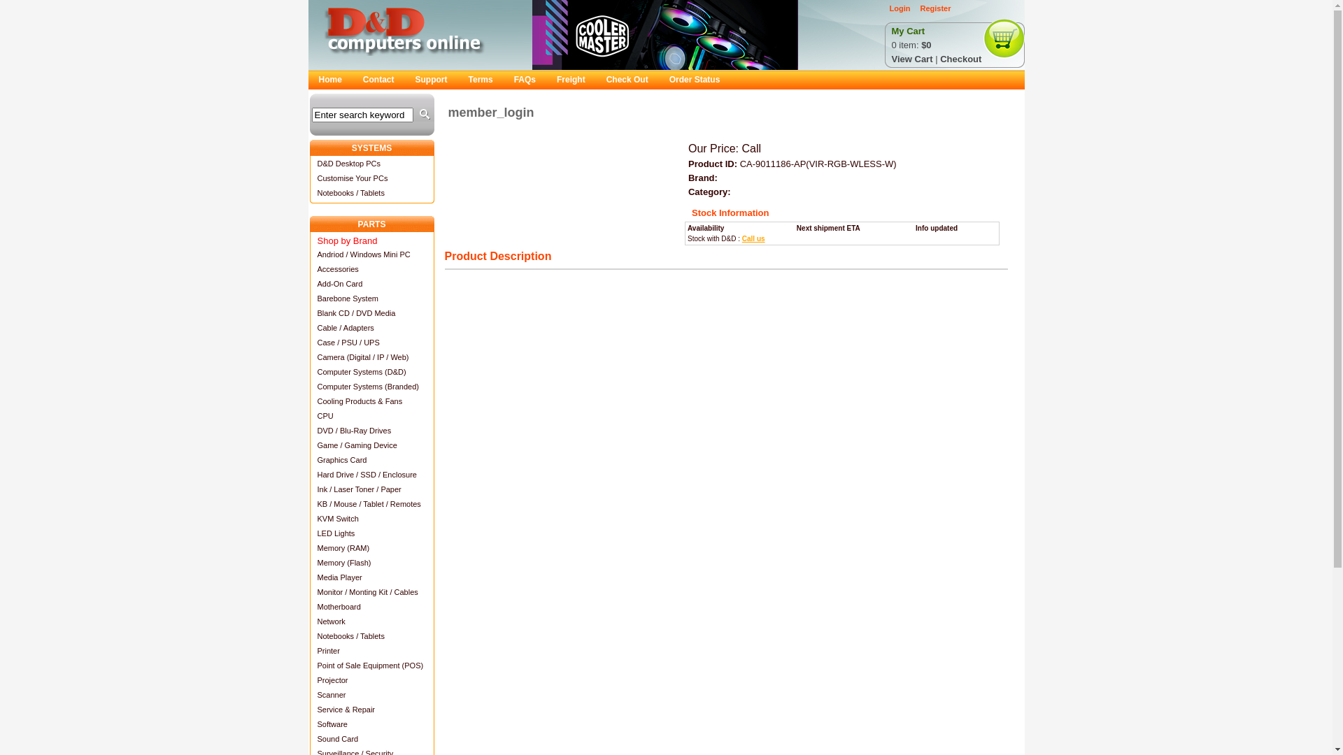  I want to click on 'Customise Your PCs', so click(371, 177).